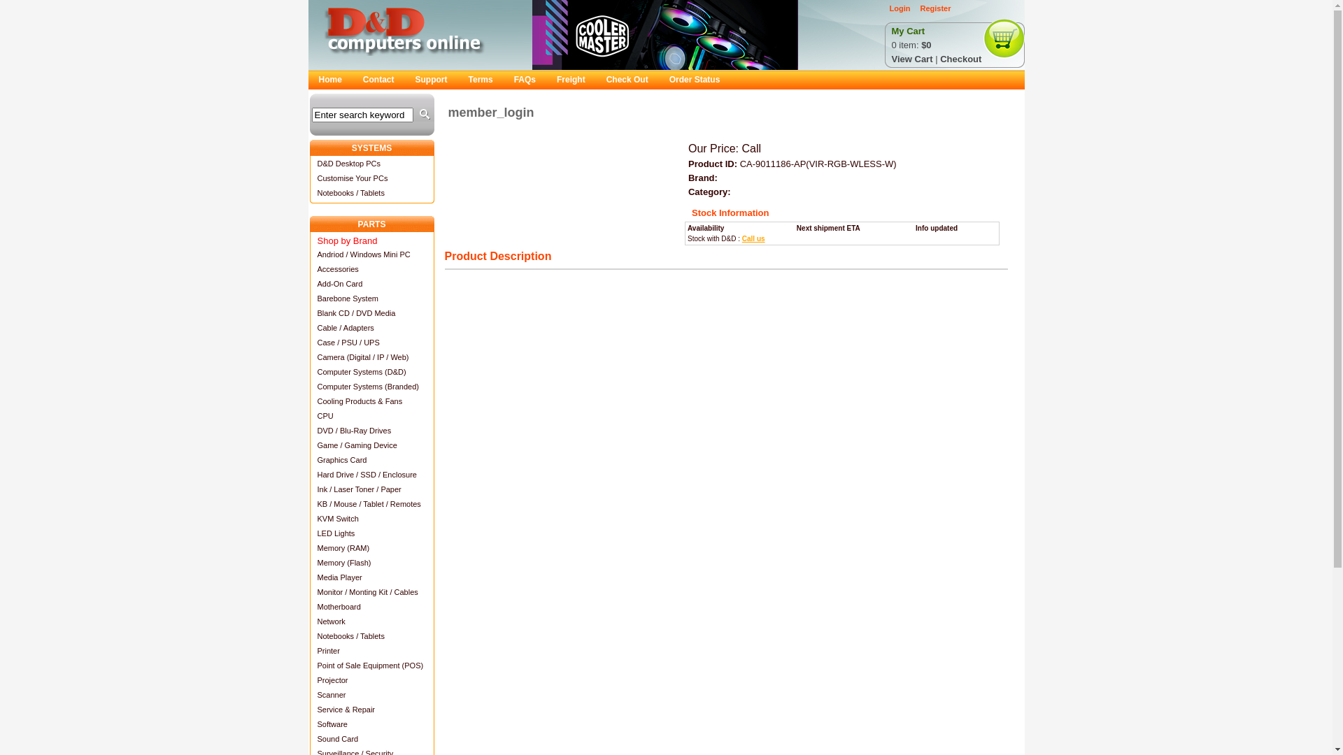  I want to click on 'Customise Your PCs', so click(371, 177).